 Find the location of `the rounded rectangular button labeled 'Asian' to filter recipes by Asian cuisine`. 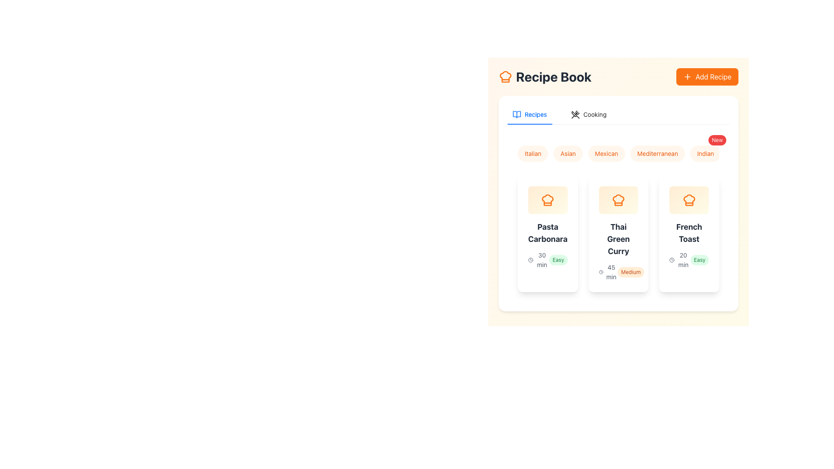

the rounded rectangular button labeled 'Asian' to filter recipes by Asian cuisine is located at coordinates (568, 153).